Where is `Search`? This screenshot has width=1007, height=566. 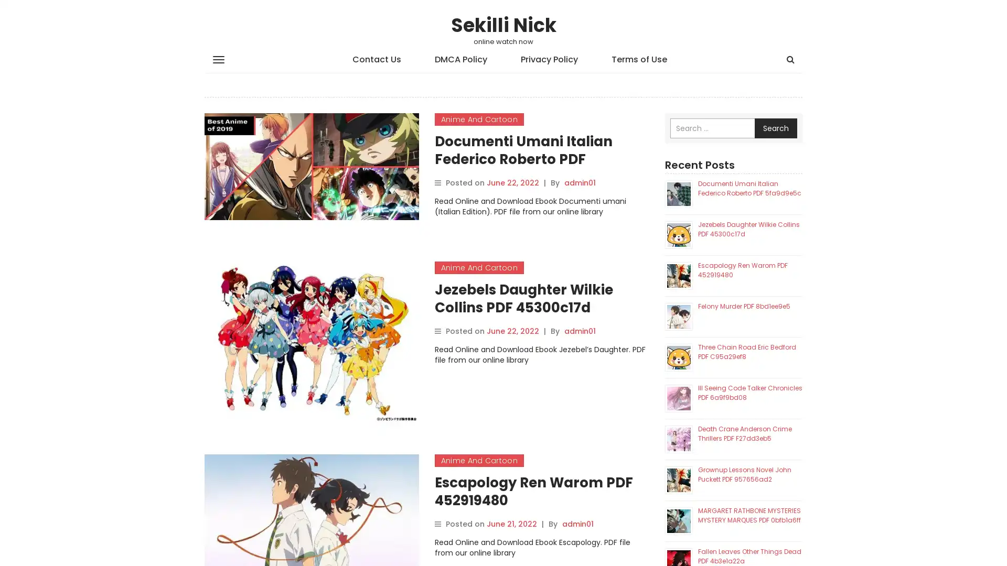 Search is located at coordinates (776, 128).